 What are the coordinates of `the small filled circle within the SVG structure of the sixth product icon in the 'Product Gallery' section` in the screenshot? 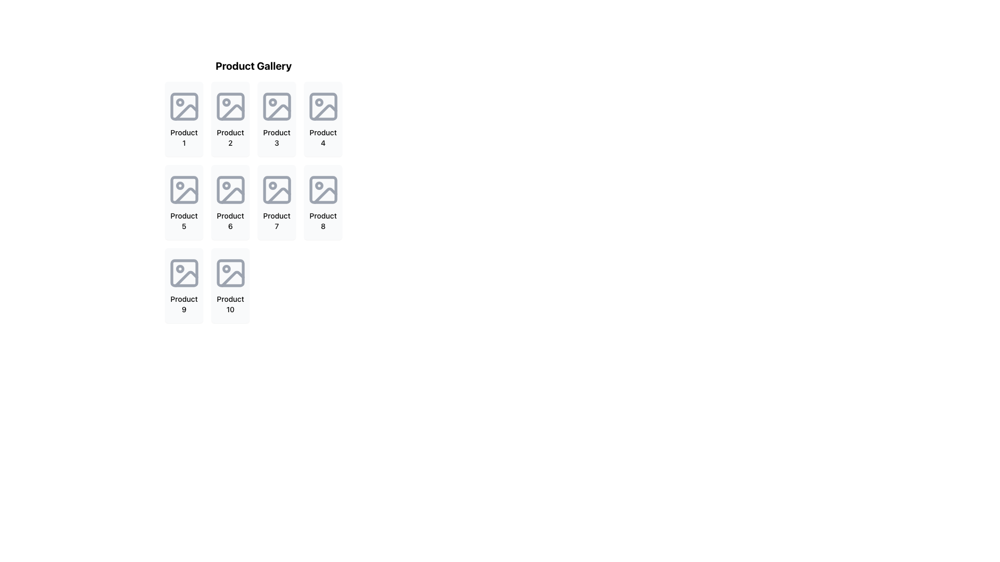 It's located at (226, 185).